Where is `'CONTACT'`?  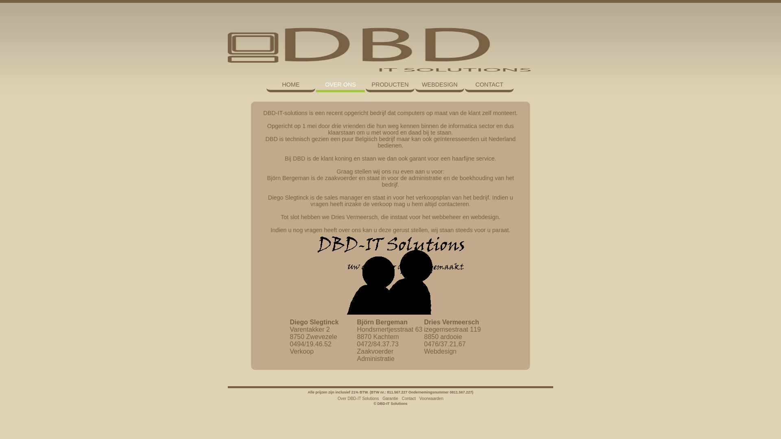
'CONTACT' is located at coordinates (489, 85).